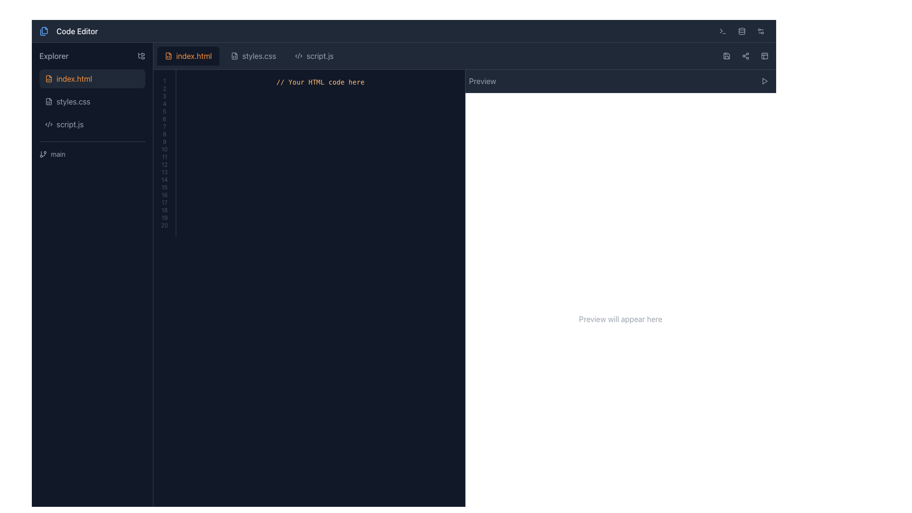 This screenshot has height=513, width=912. I want to click on the tab labeled 'script.js' in the top tab navigation of the code editor interface, so click(320, 56).